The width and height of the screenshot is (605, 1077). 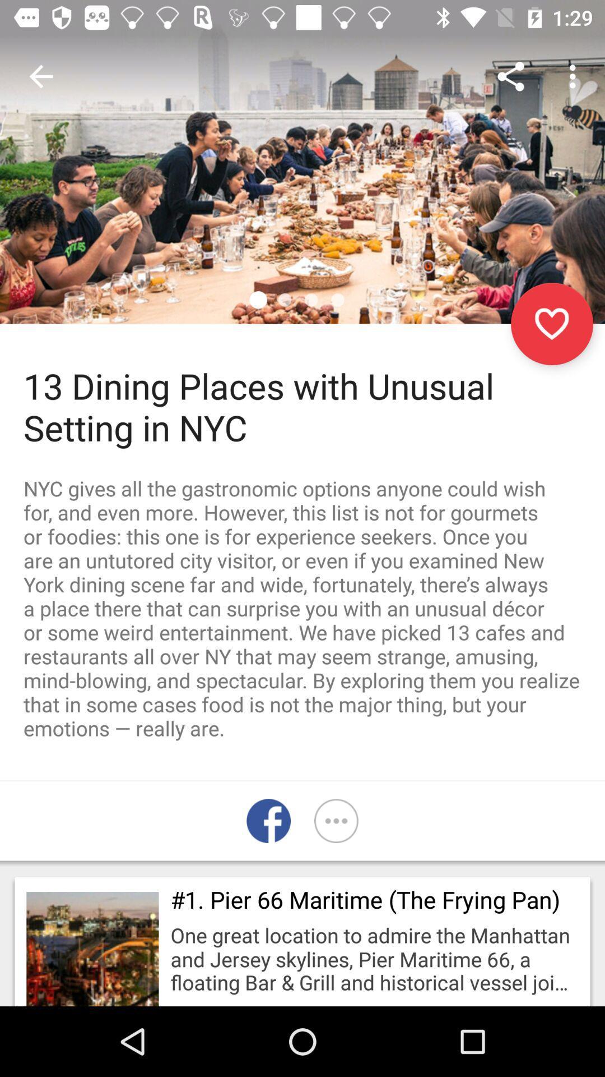 What do you see at coordinates (302, 607) in the screenshot?
I see `nyc gives all` at bounding box center [302, 607].